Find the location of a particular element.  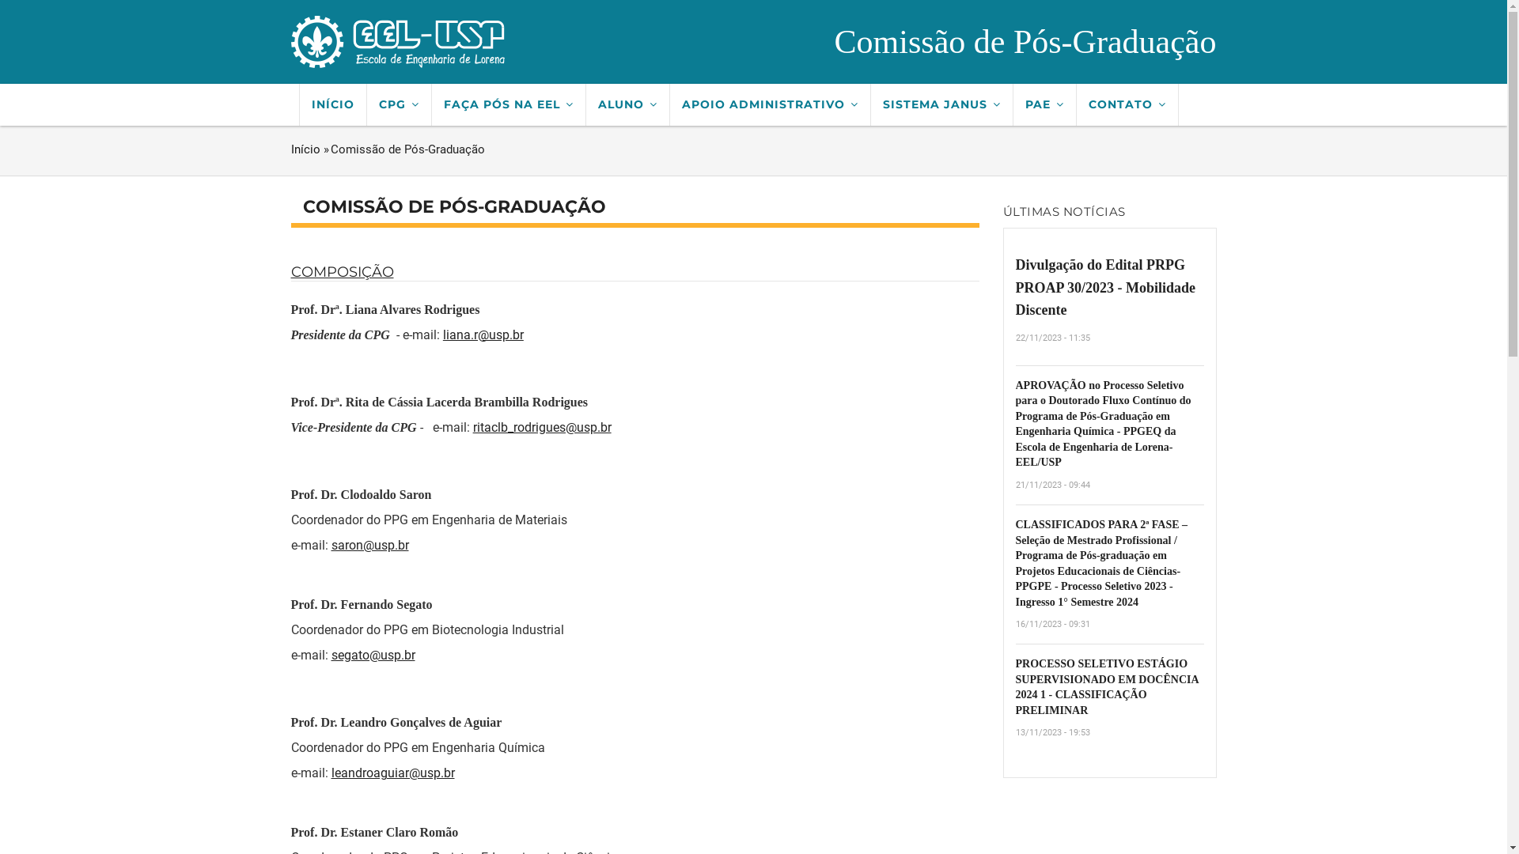

'CPG' is located at coordinates (399, 104).